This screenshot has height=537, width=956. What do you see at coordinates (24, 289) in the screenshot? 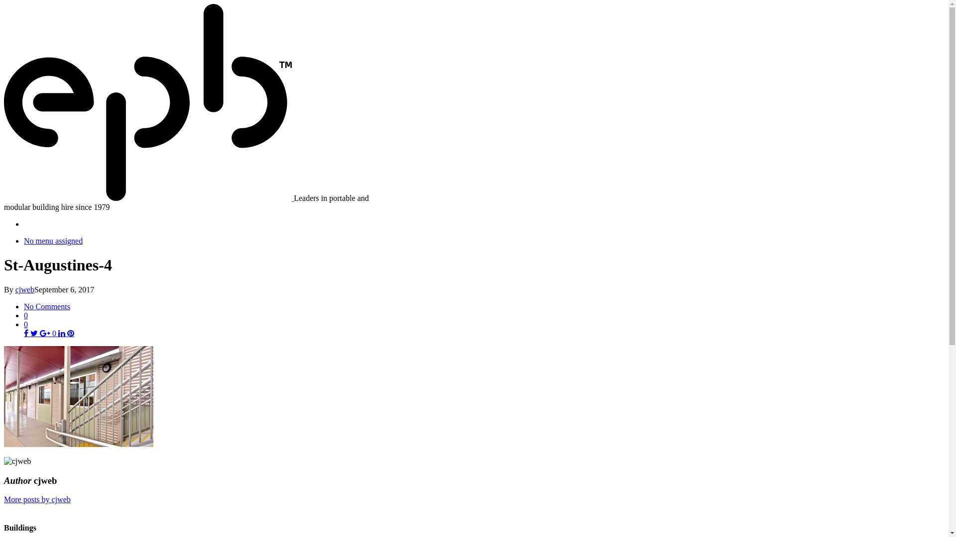
I see `'cjweb'` at bounding box center [24, 289].